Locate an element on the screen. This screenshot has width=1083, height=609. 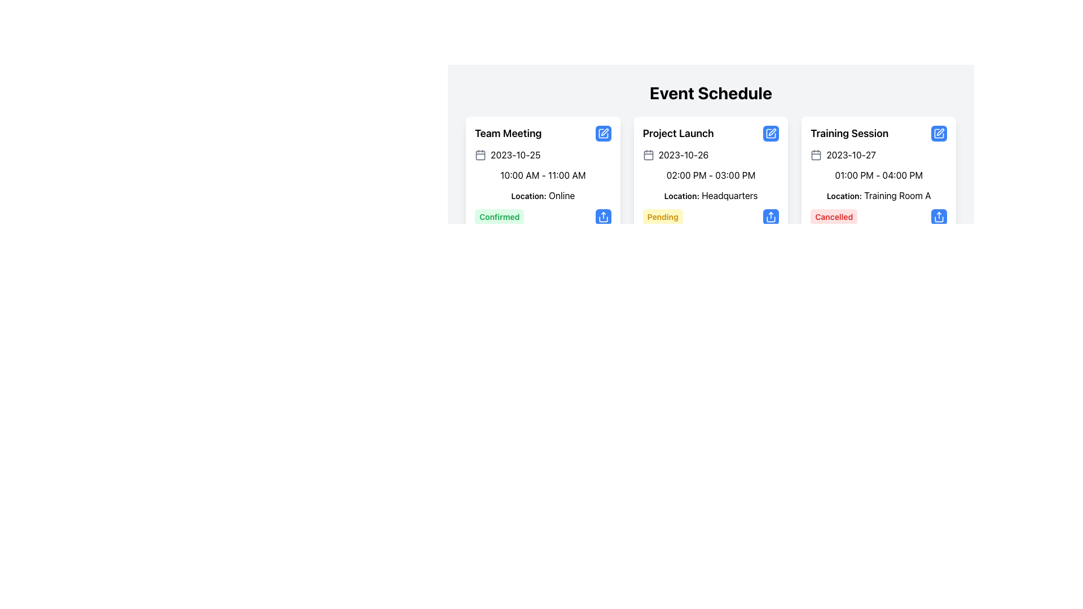
the edit icon located in the top-right corner of the 'Team Meeting' event card is located at coordinates (602, 133).